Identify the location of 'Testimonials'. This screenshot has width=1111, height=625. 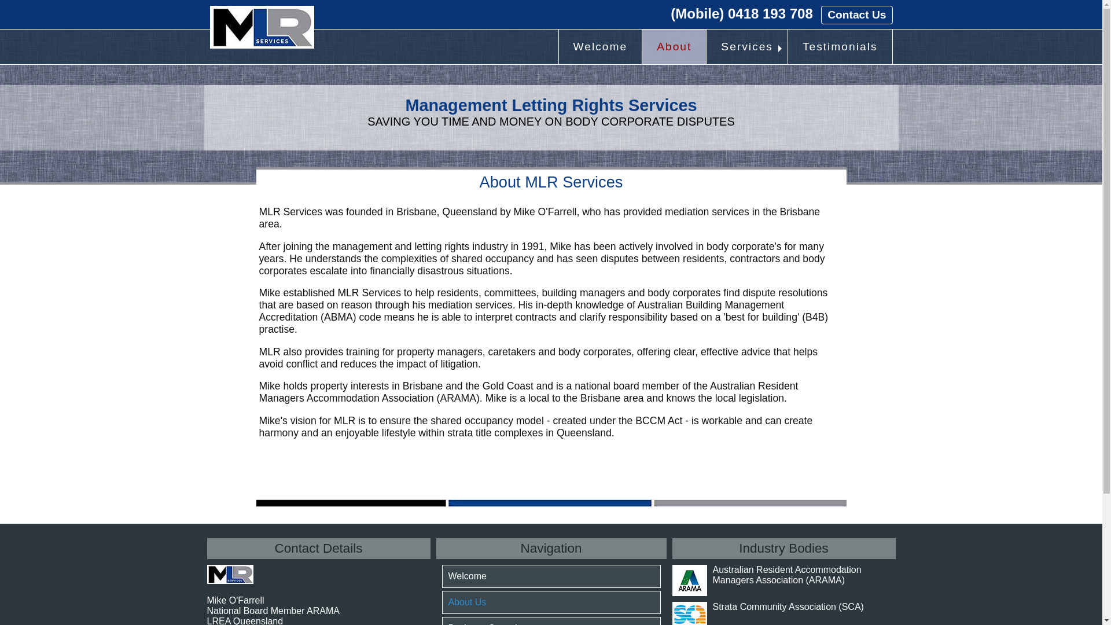
(840, 46).